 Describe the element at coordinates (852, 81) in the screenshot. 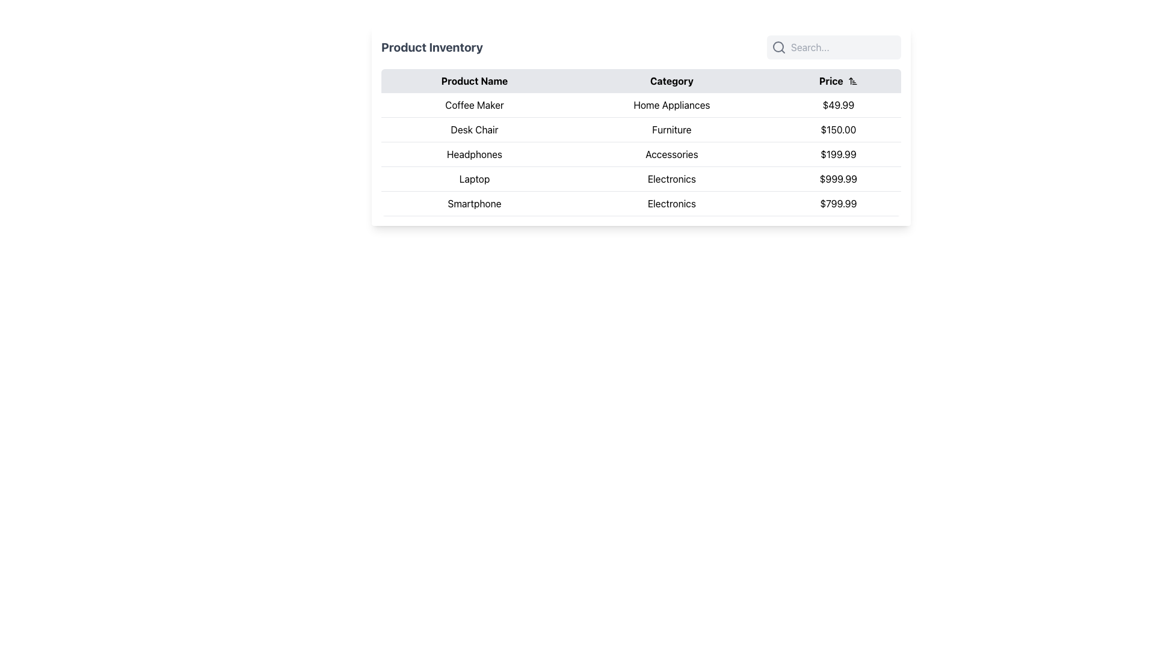

I see `the sorting toggle icon for the 'Price' column header` at that location.